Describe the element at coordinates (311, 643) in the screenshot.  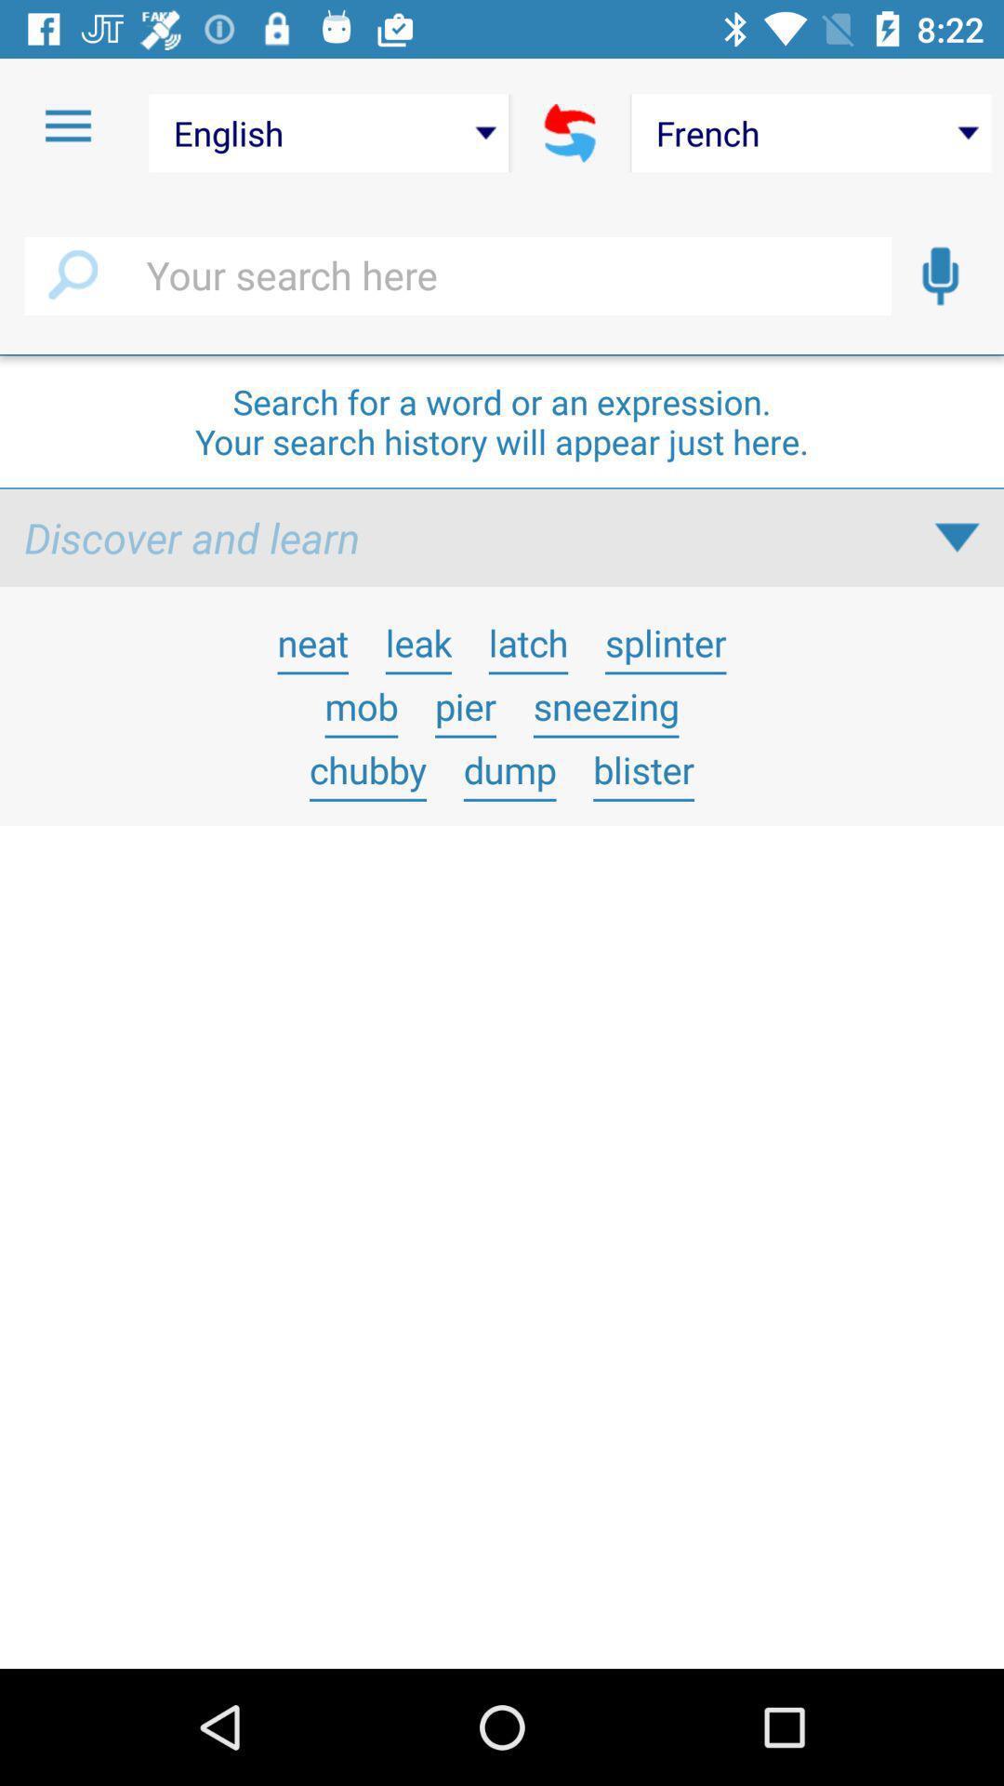
I see `icon below the discover and learn app` at that location.